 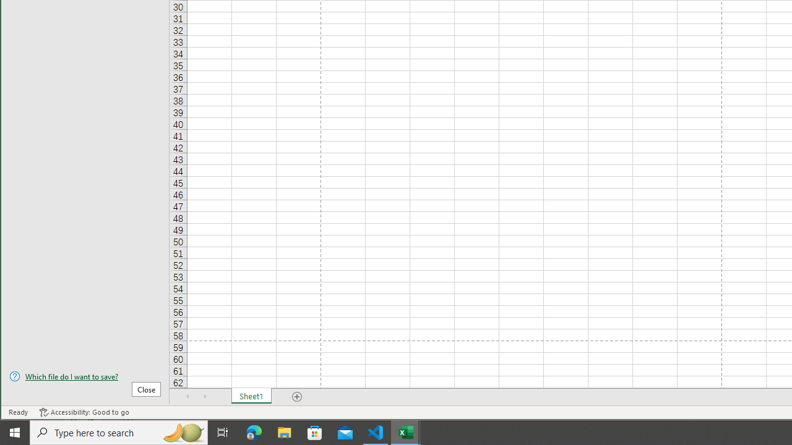 I want to click on 'Visual Studio Code - 1 running window', so click(x=375, y=431).